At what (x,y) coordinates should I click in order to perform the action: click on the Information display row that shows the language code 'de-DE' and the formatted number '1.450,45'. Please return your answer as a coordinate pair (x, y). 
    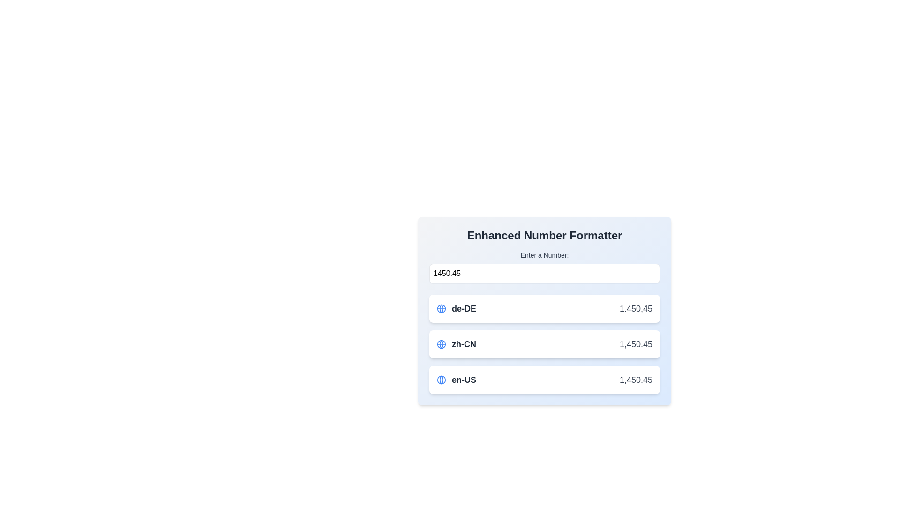
    Looking at the image, I should click on (544, 309).